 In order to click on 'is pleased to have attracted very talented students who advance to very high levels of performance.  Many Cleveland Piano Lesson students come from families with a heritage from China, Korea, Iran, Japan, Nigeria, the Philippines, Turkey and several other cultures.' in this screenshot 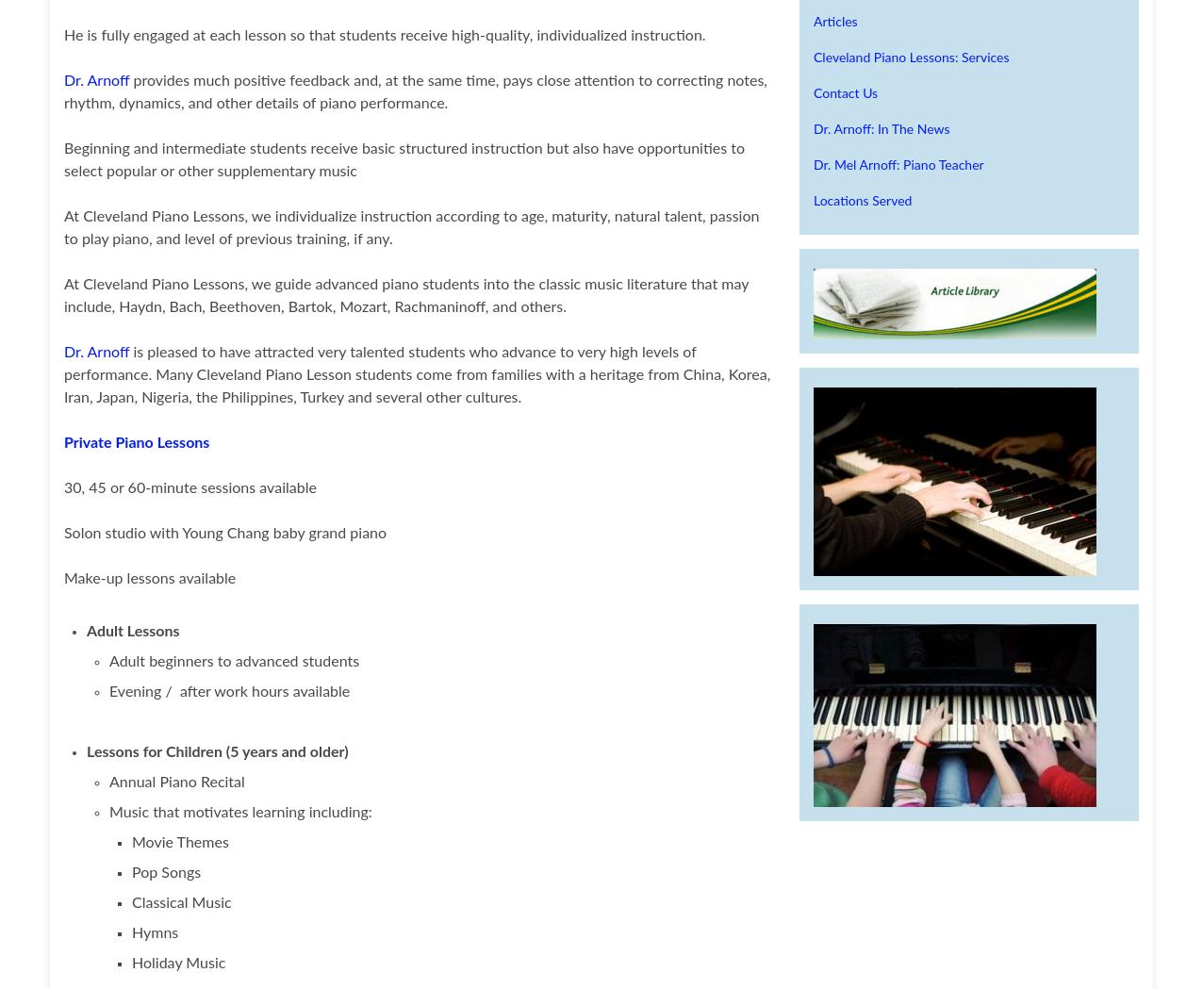, I will do `click(417, 374)`.